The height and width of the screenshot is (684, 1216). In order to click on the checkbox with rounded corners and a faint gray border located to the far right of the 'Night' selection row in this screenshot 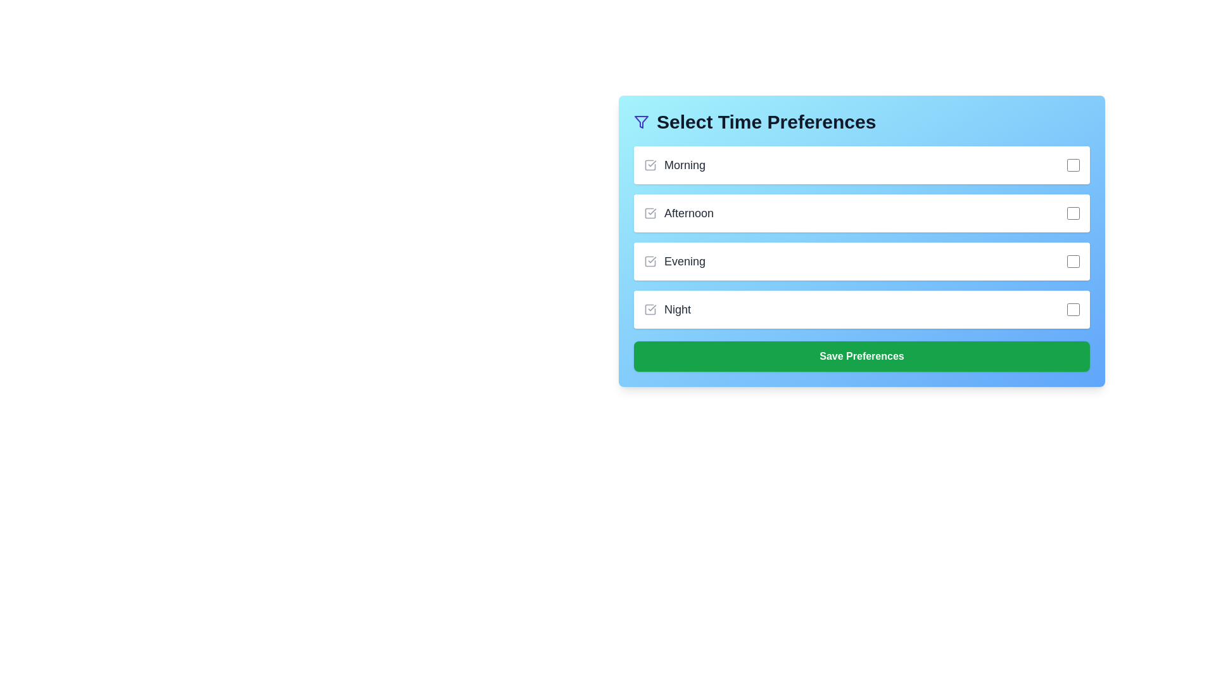, I will do `click(1072, 310)`.